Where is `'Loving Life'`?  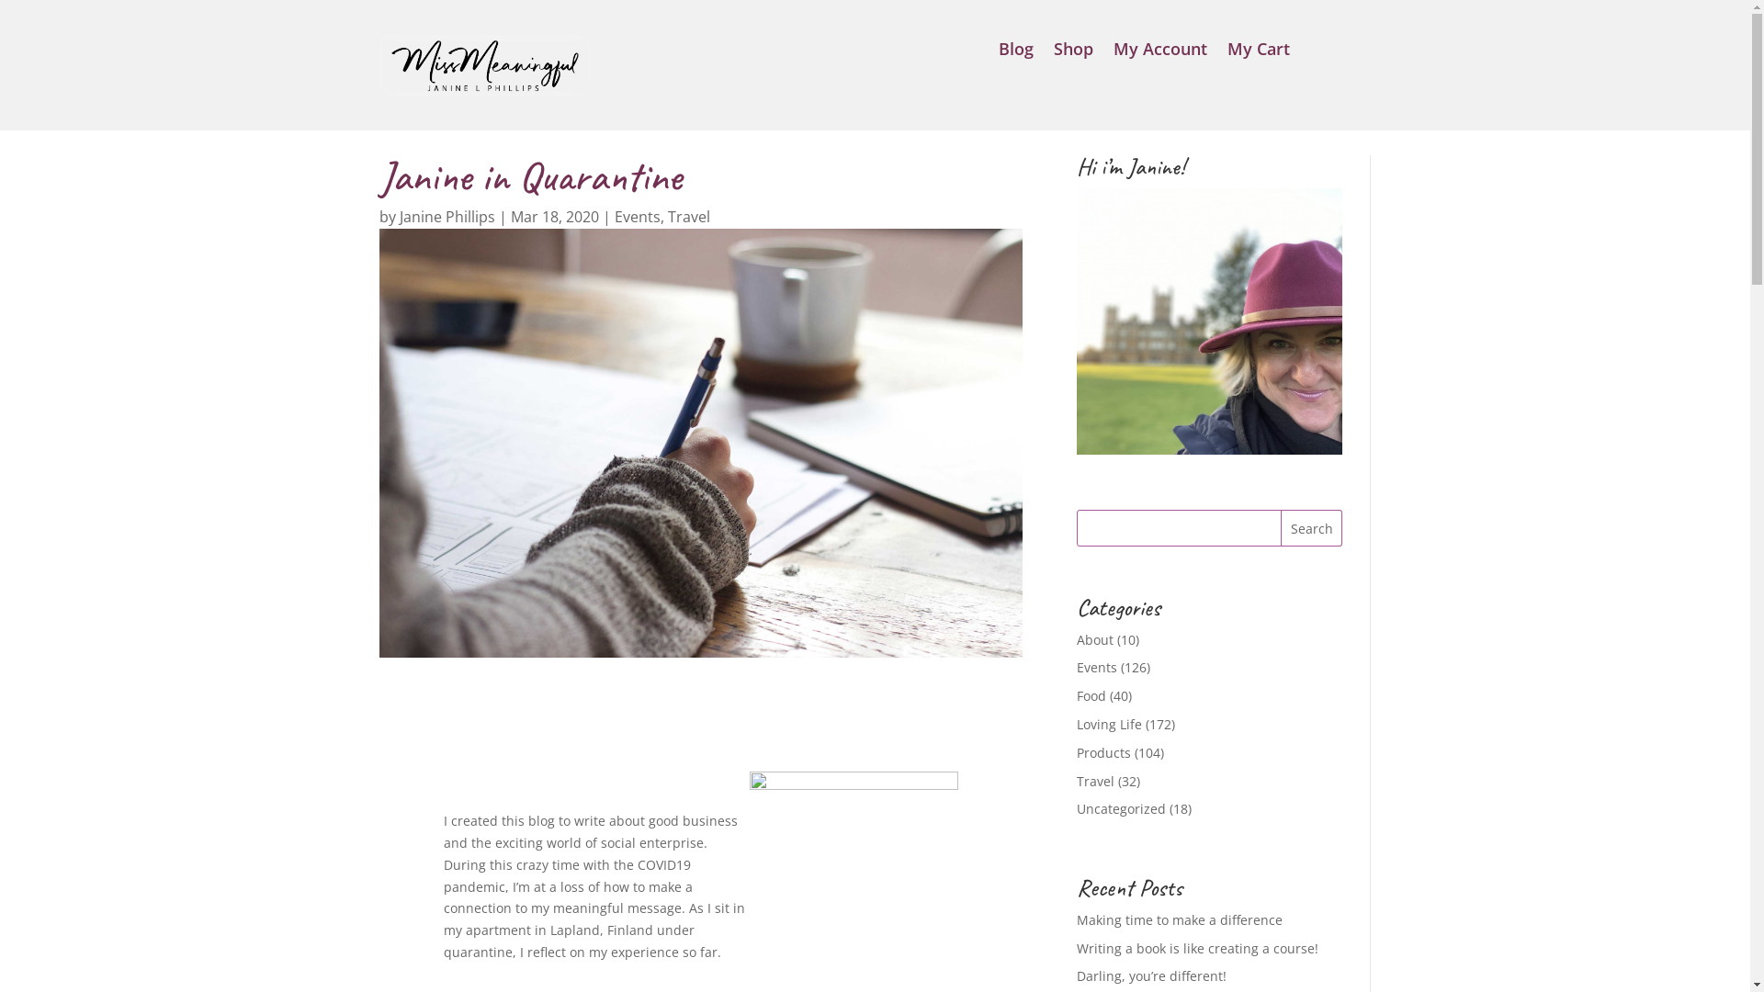
'Loving Life' is located at coordinates (1108, 723).